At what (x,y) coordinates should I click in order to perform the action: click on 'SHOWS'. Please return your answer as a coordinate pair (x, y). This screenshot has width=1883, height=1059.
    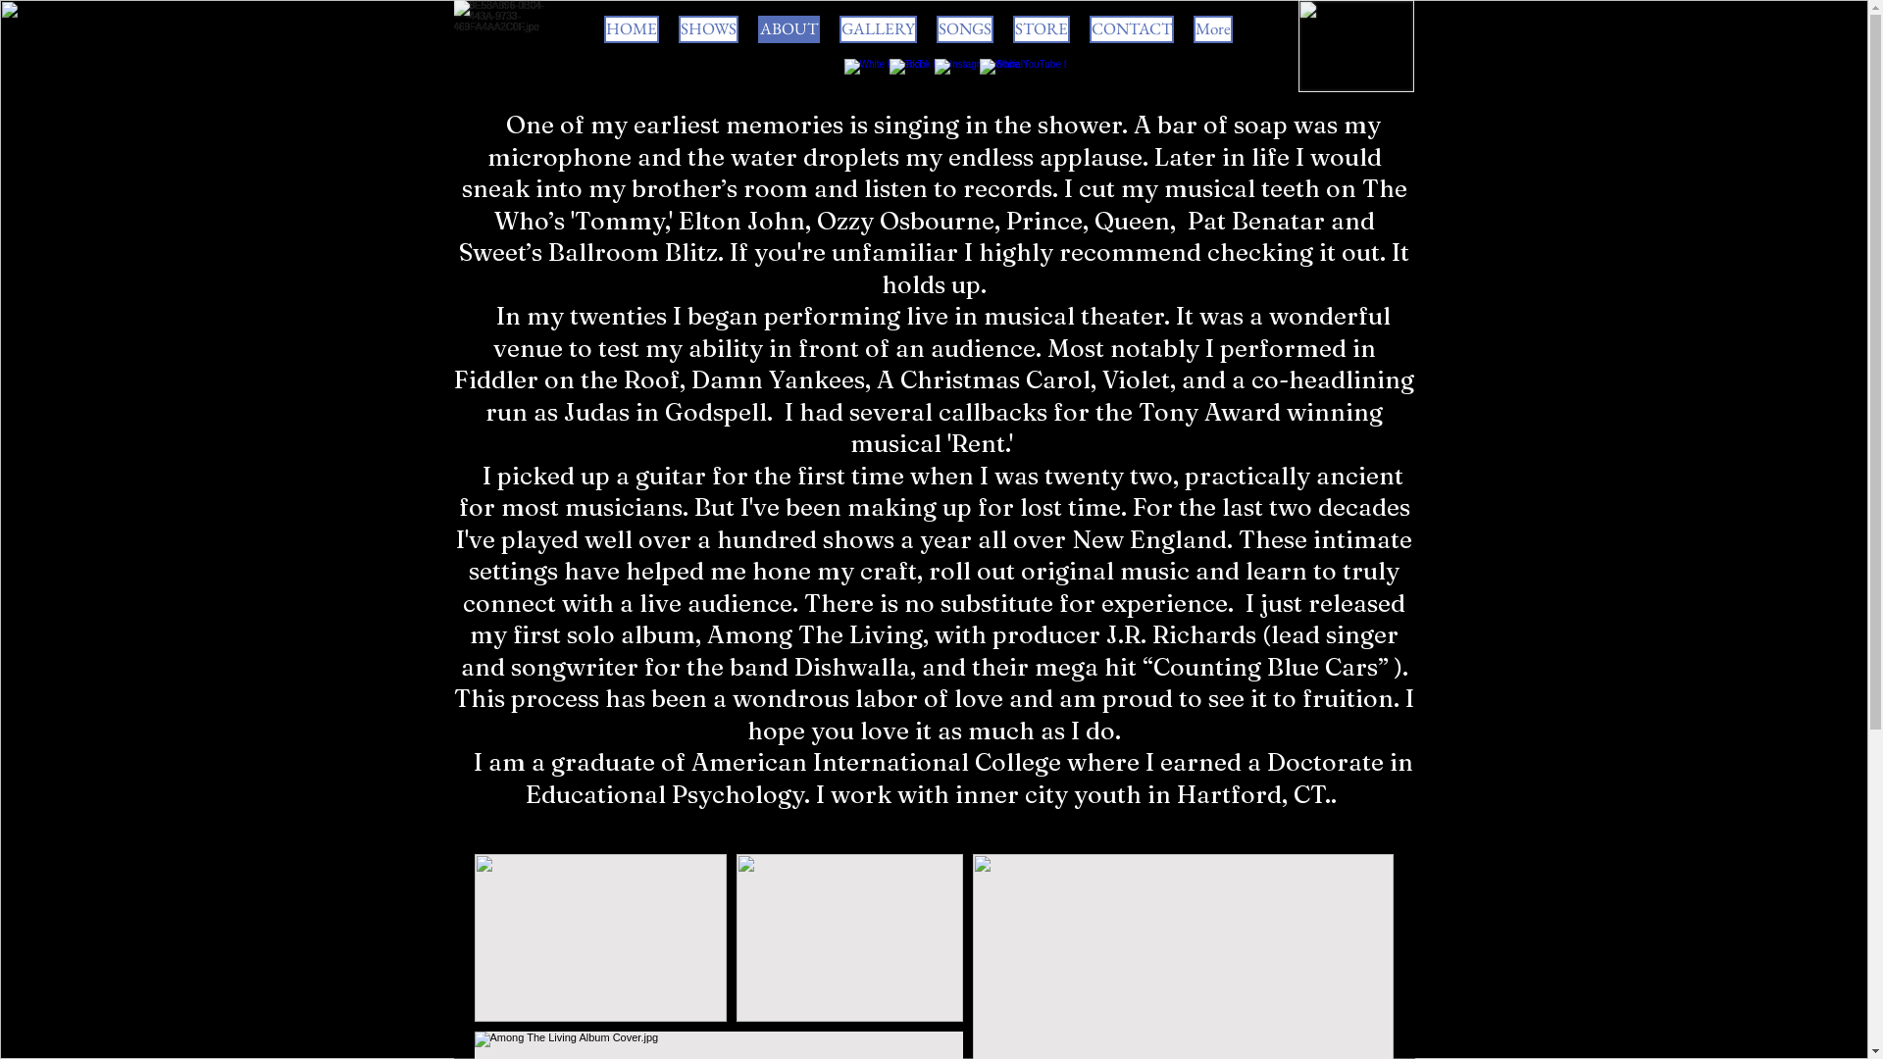
    Looking at the image, I should click on (707, 29).